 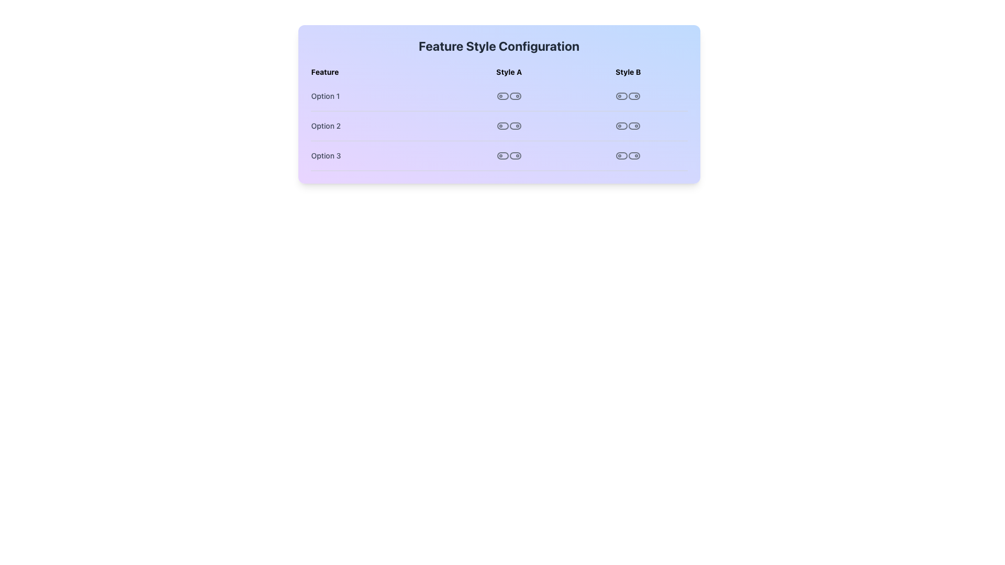 What do you see at coordinates (502, 96) in the screenshot?
I see `the inactive circular toggle switch button styled in gray, located in the first toggle of 'Style A' for 'Option 1'` at bounding box center [502, 96].